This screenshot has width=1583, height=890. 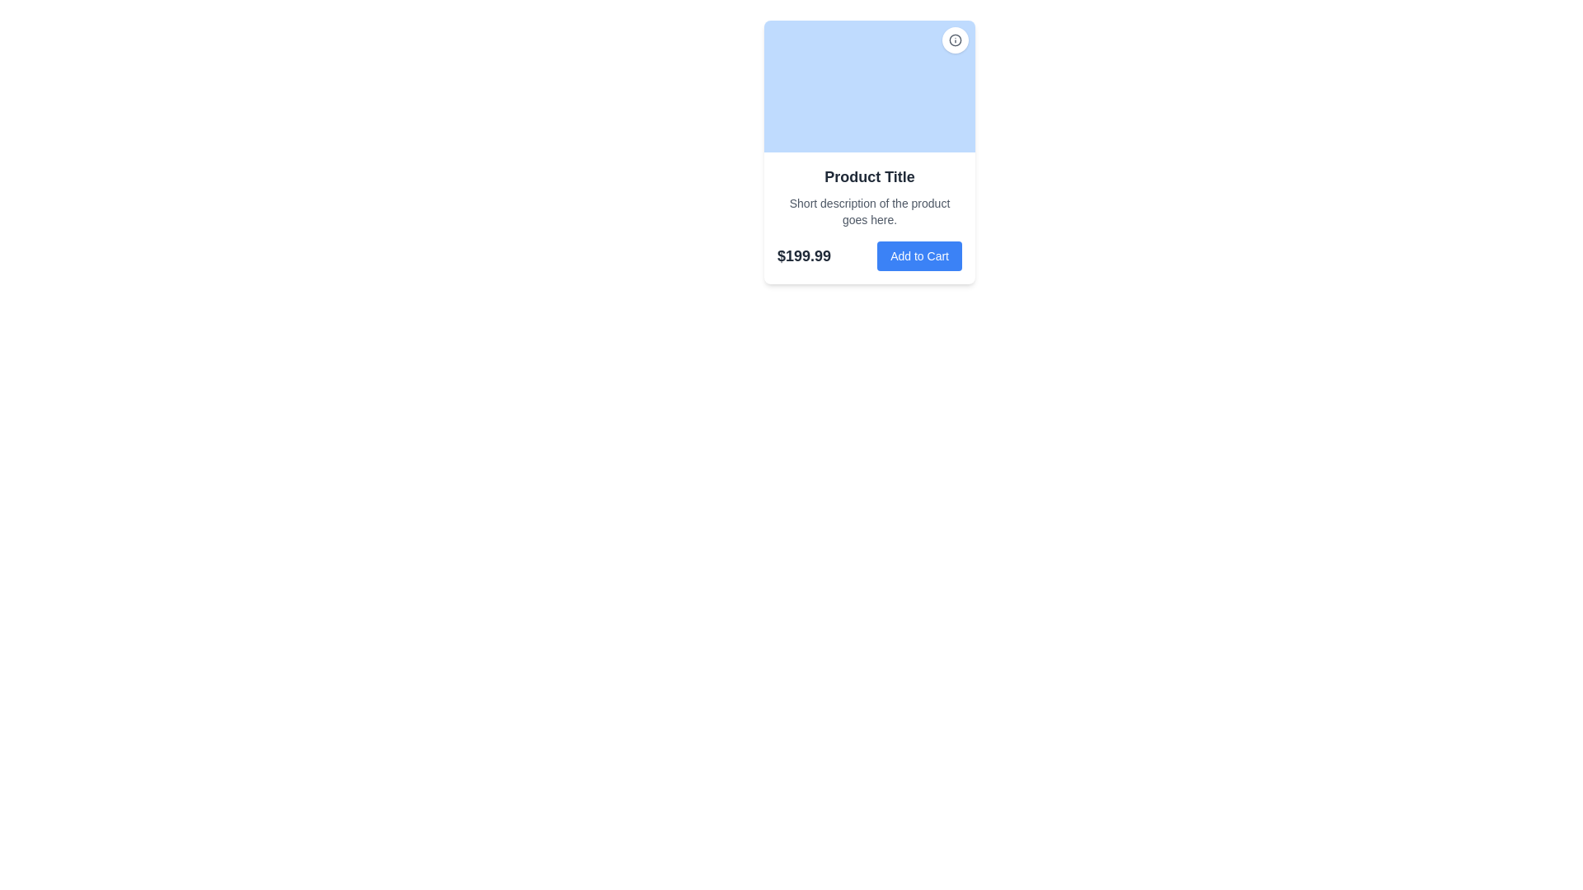 What do you see at coordinates (955, 40) in the screenshot?
I see `the help button located at the top-right corner of the product card` at bounding box center [955, 40].